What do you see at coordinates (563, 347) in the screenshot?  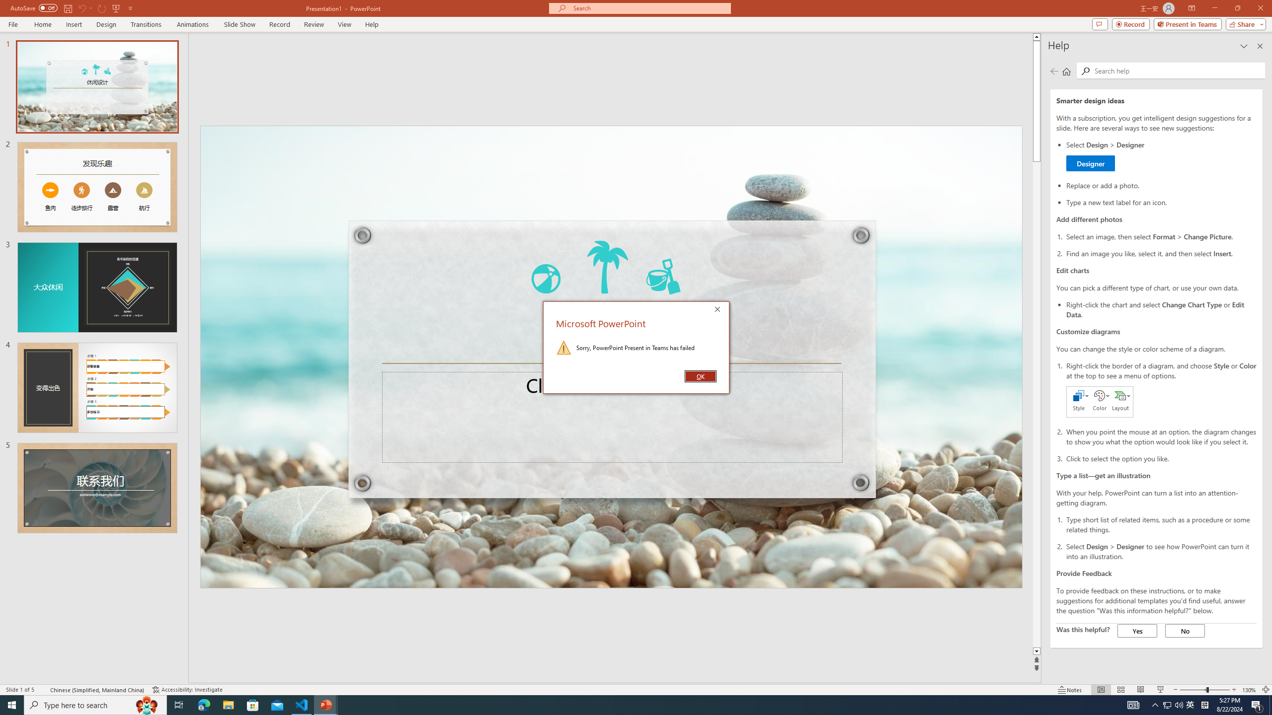 I see `'Warning Icon'` at bounding box center [563, 347].